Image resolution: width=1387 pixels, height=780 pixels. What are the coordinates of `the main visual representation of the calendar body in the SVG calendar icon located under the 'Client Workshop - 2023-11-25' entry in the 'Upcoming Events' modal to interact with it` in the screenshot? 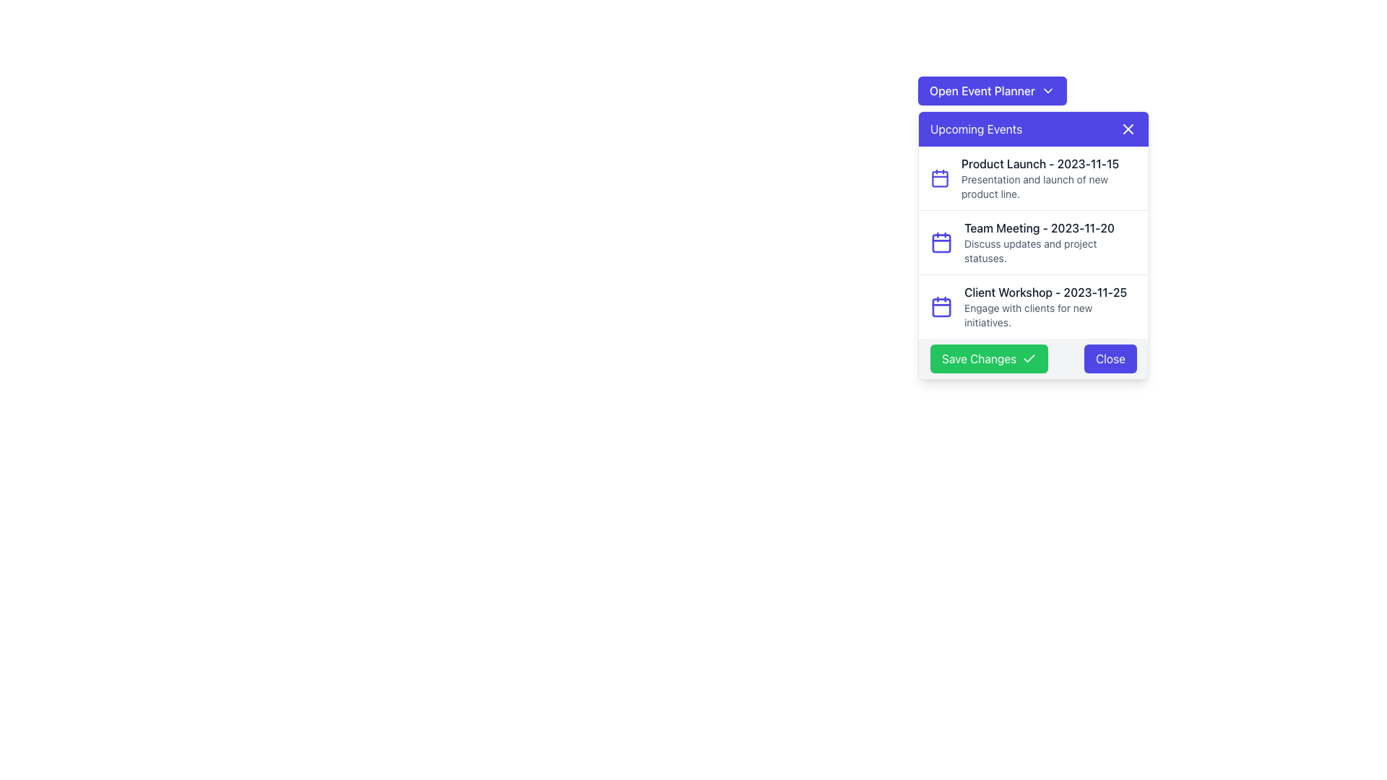 It's located at (941, 307).